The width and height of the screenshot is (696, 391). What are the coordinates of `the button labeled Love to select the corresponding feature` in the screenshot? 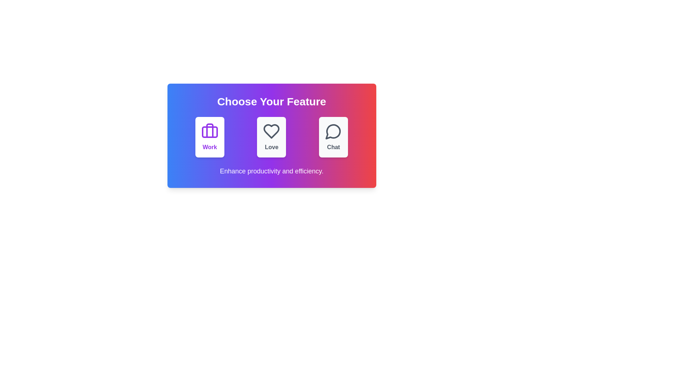 It's located at (271, 137).